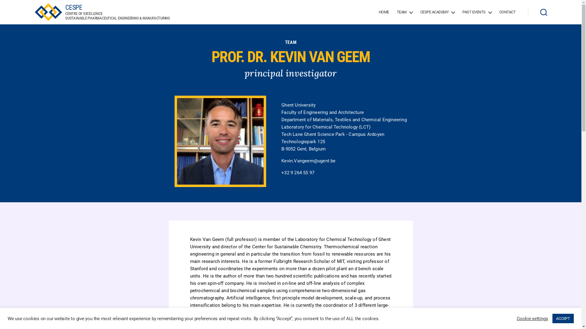 The width and height of the screenshot is (586, 329). What do you see at coordinates (532, 318) in the screenshot?
I see `'Cookie settings'` at bounding box center [532, 318].